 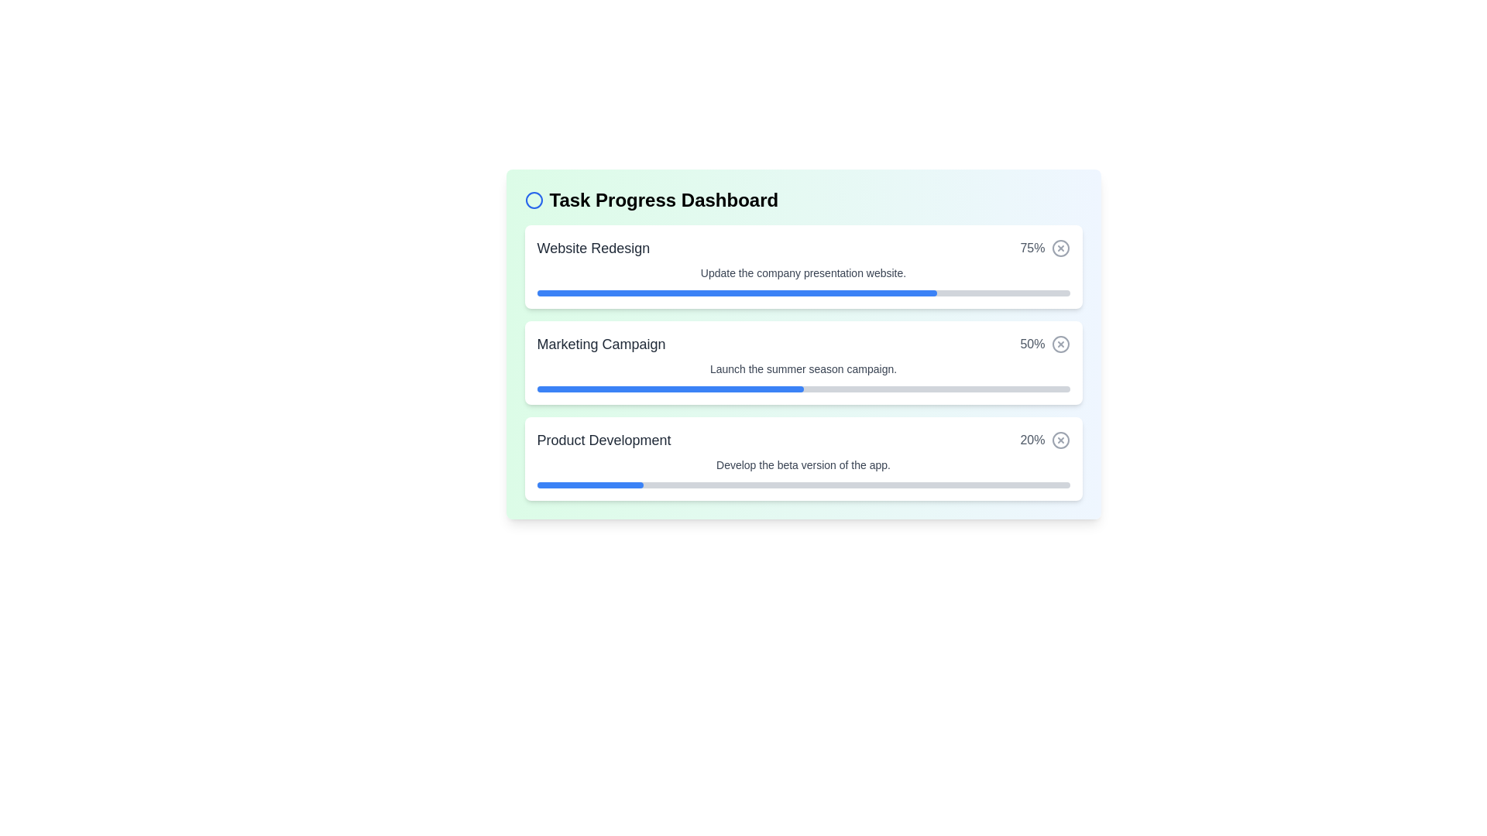 I want to click on the removal button located within the 'Product Development' progress card, adjacent to the '20%' text label, so click(x=1059, y=440).